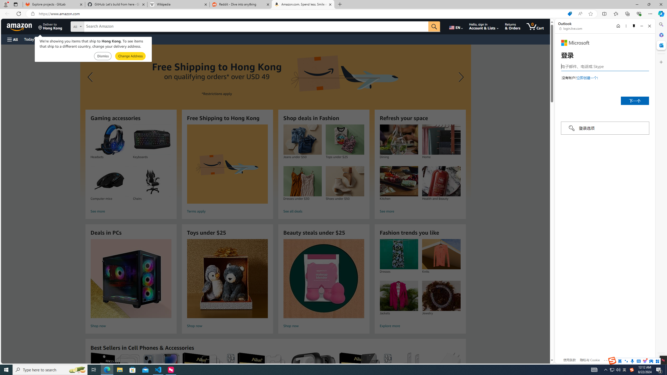  What do you see at coordinates (152, 181) in the screenshot?
I see `'Chairs'` at bounding box center [152, 181].